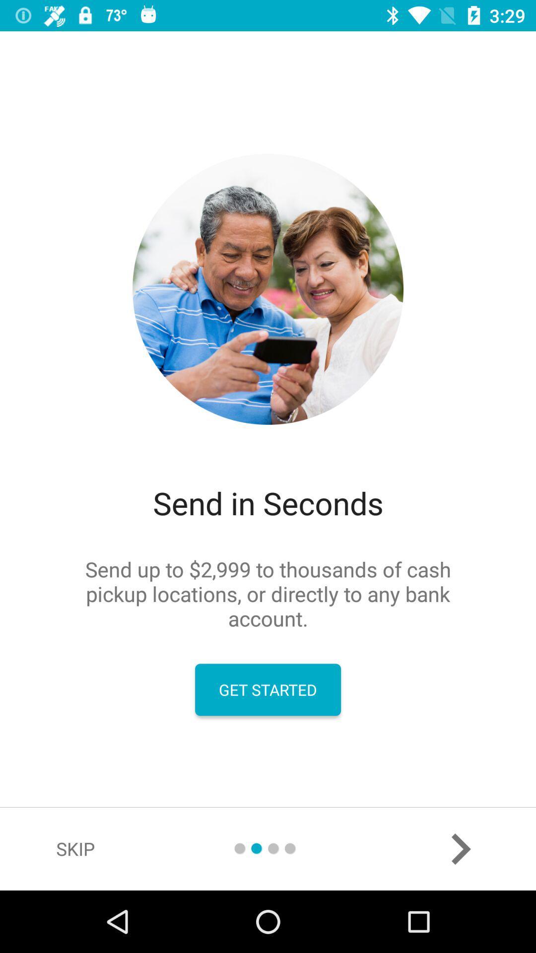  I want to click on the arrow_forward icon, so click(460, 848).